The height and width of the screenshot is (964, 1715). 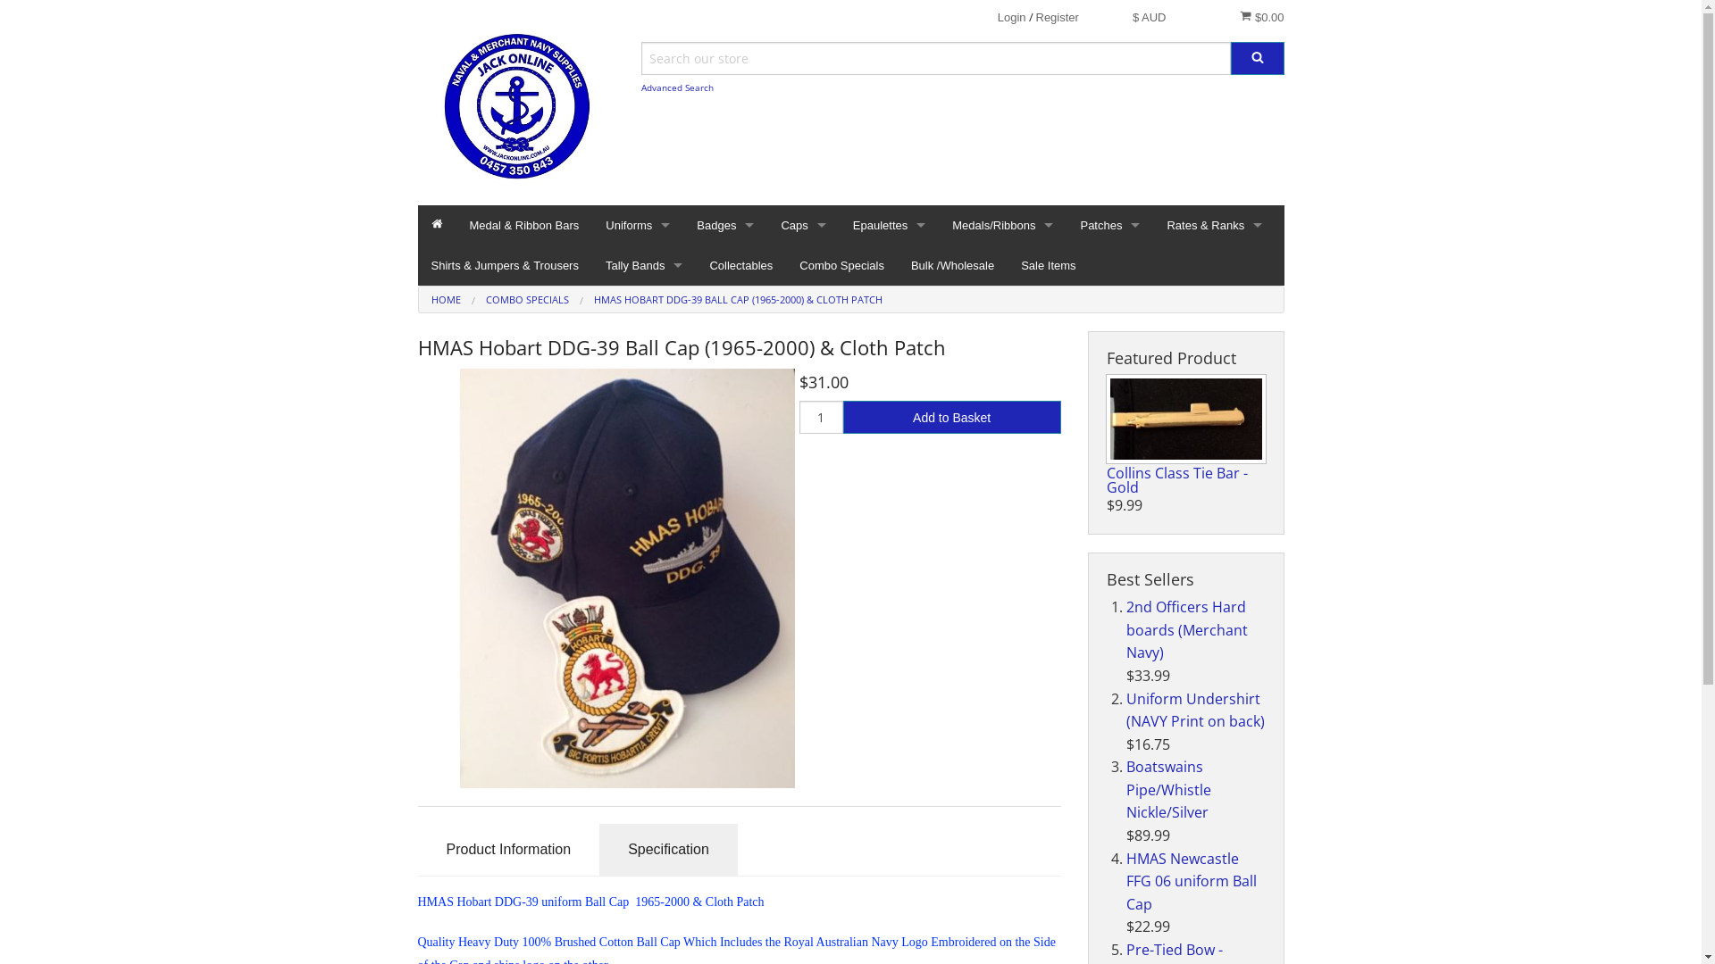 What do you see at coordinates (1214, 224) in the screenshot?
I see `'Rates & Ranks'` at bounding box center [1214, 224].